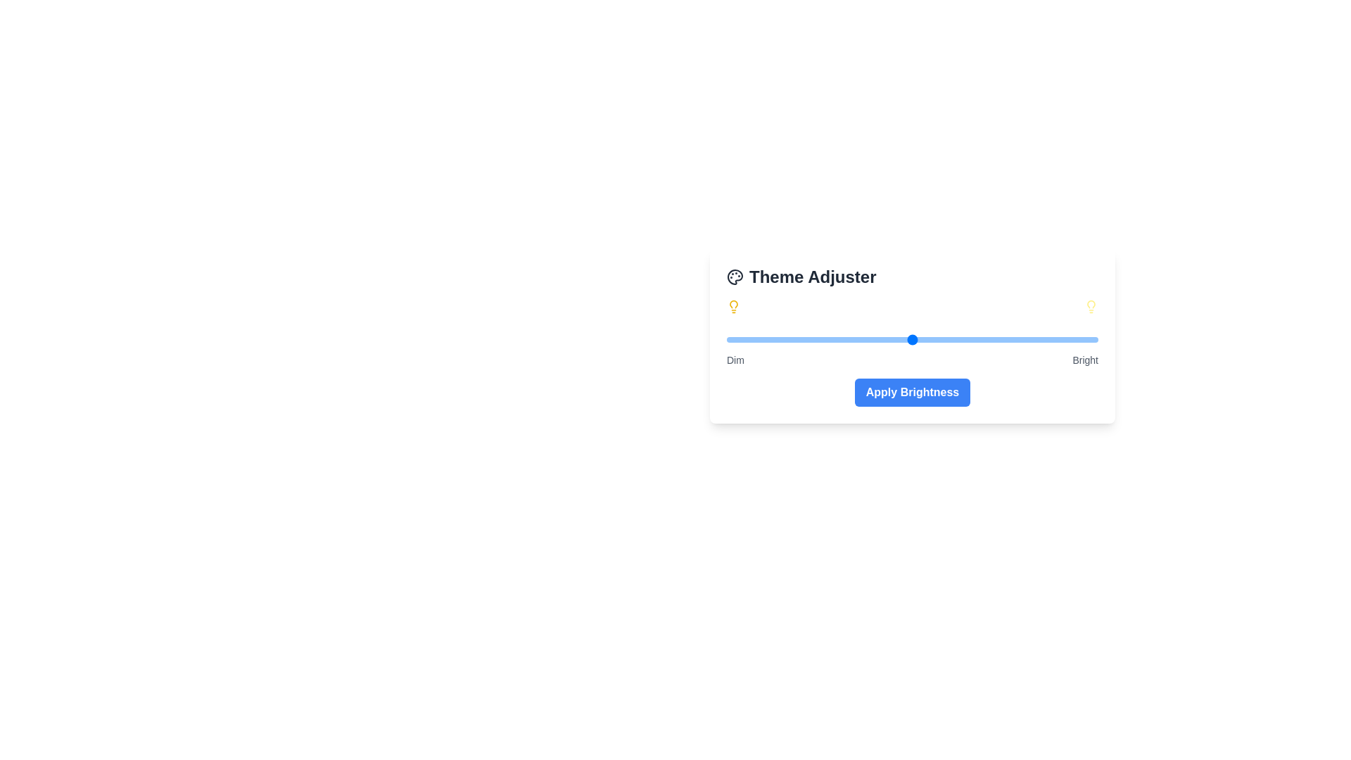  I want to click on the brightness slider to a specific value 52, so click(920, 339).